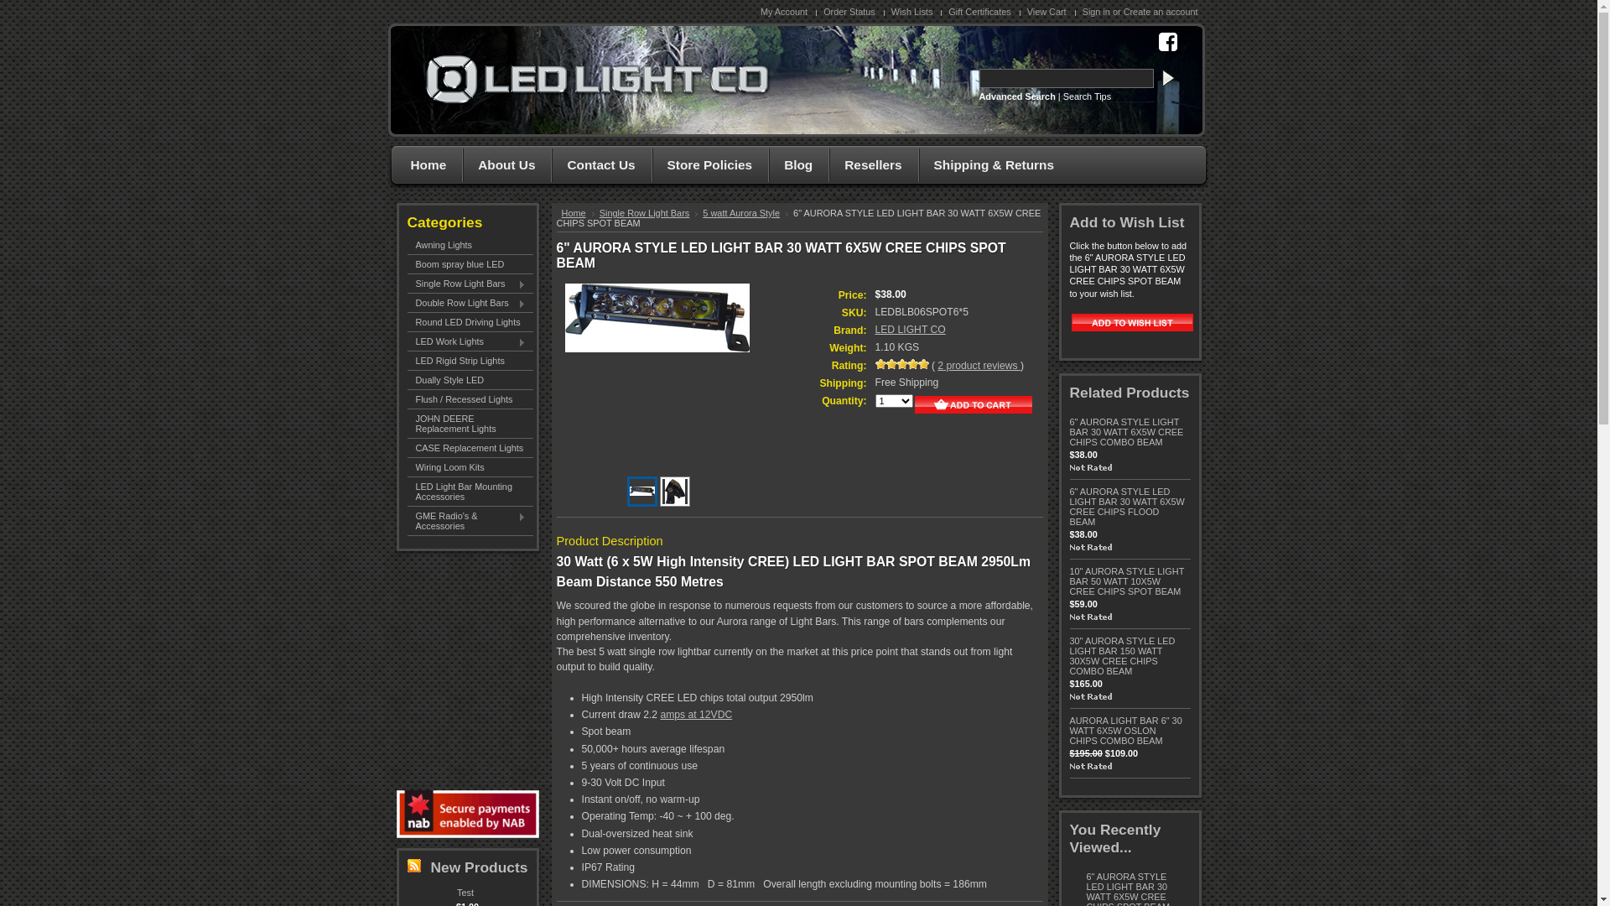 The height and width of the screenshot is (906, 1610). I want to click on 'Flush / Recessed Lights', so click(470, 398).